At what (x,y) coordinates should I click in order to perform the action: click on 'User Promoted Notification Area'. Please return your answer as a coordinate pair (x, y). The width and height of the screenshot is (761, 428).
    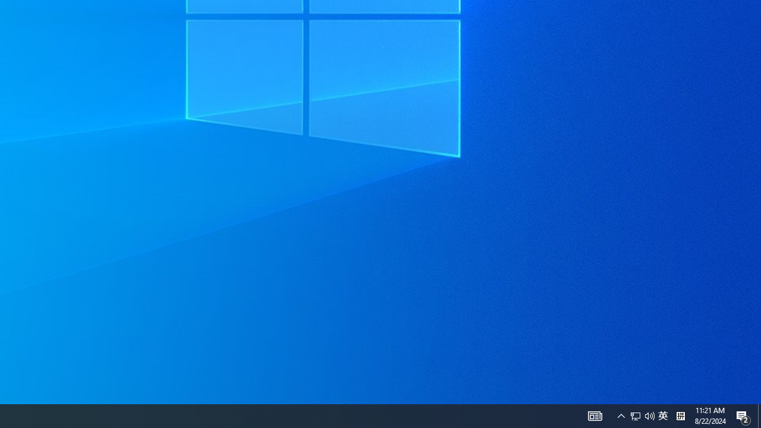
    Looking at the image, I should click on (635, 415).